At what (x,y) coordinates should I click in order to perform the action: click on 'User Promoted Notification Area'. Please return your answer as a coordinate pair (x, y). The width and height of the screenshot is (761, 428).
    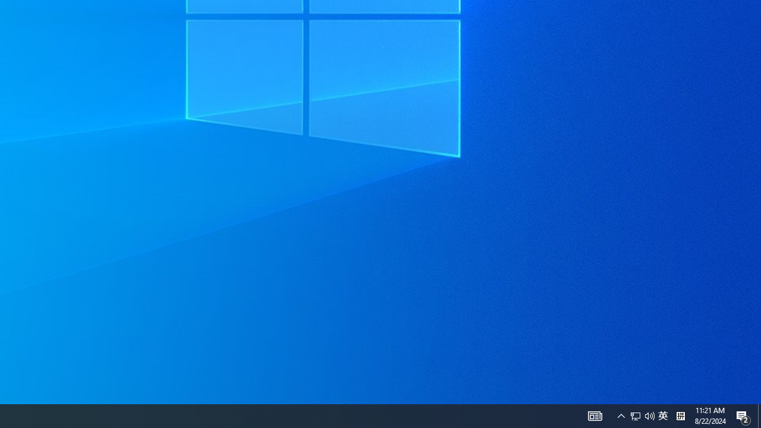
    Looking at the image, I should click on (635, 415).